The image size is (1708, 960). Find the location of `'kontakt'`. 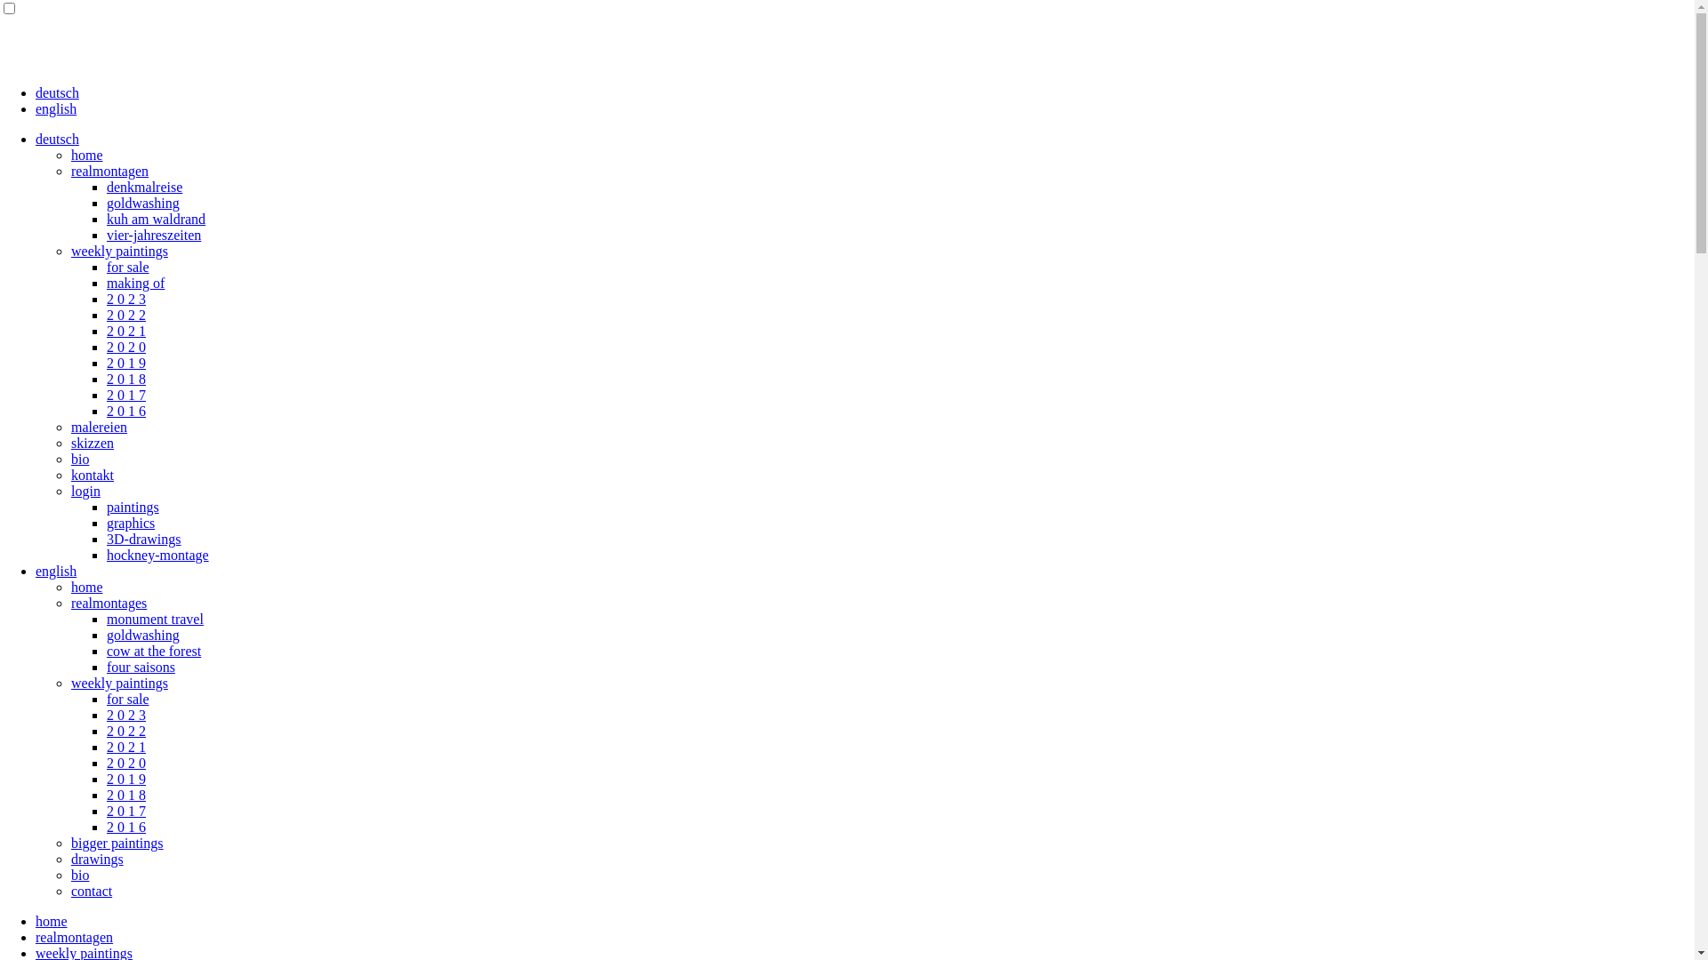

'kontakt' is located at coordinates (92, 474).